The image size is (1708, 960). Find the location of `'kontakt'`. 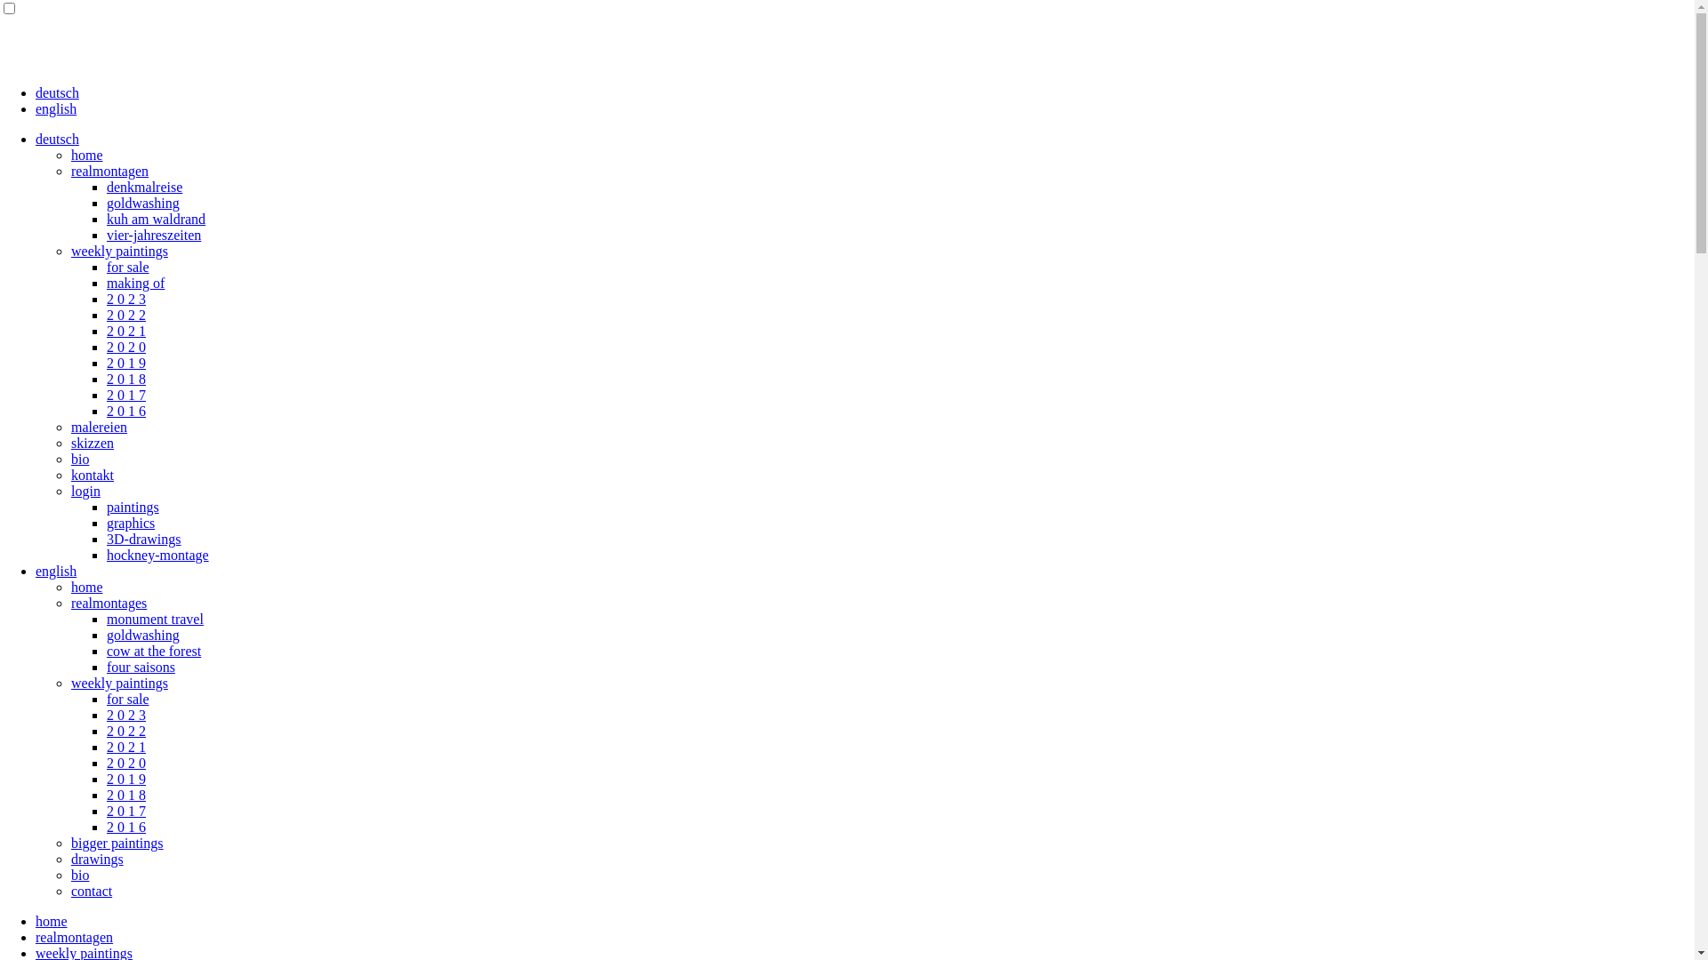

'kontakt' is located at coordinates (92, 474).